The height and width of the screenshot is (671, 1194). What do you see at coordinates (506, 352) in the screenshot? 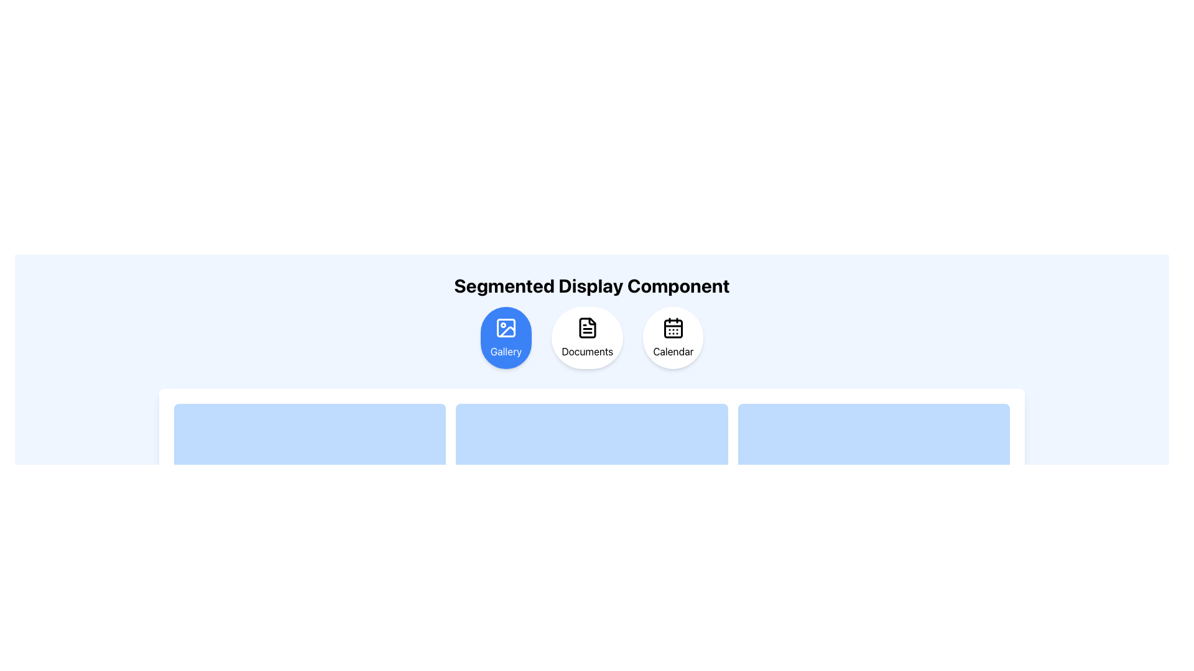
I see `text label indicating the function of the leftmost button, which accesses the 'Gallery' feature` at bounding box center [506, 352].